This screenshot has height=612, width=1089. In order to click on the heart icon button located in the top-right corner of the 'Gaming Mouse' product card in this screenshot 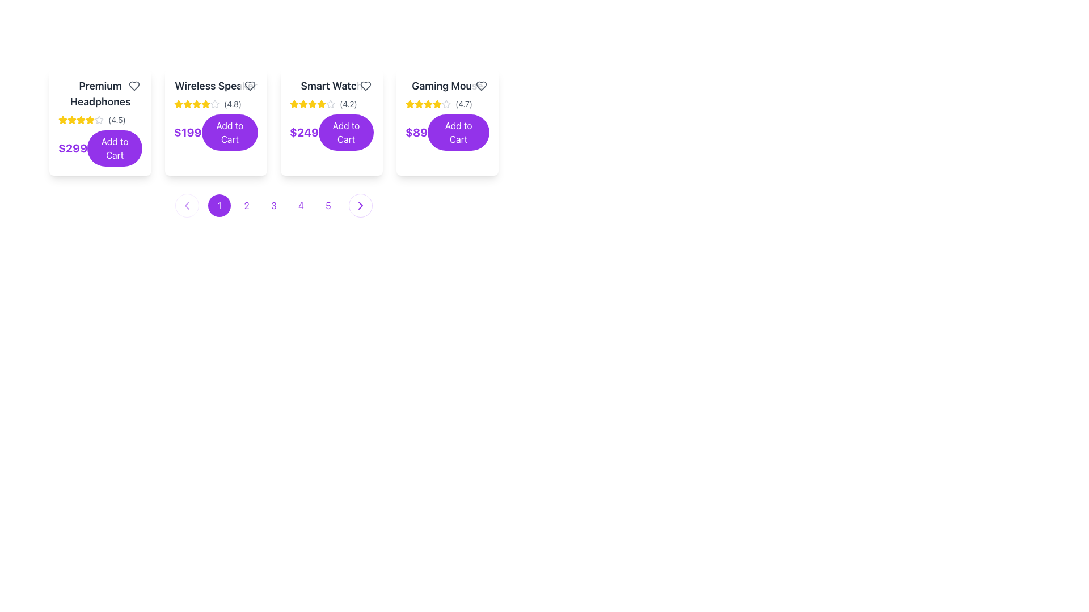, I will do `click(482, 85)`.